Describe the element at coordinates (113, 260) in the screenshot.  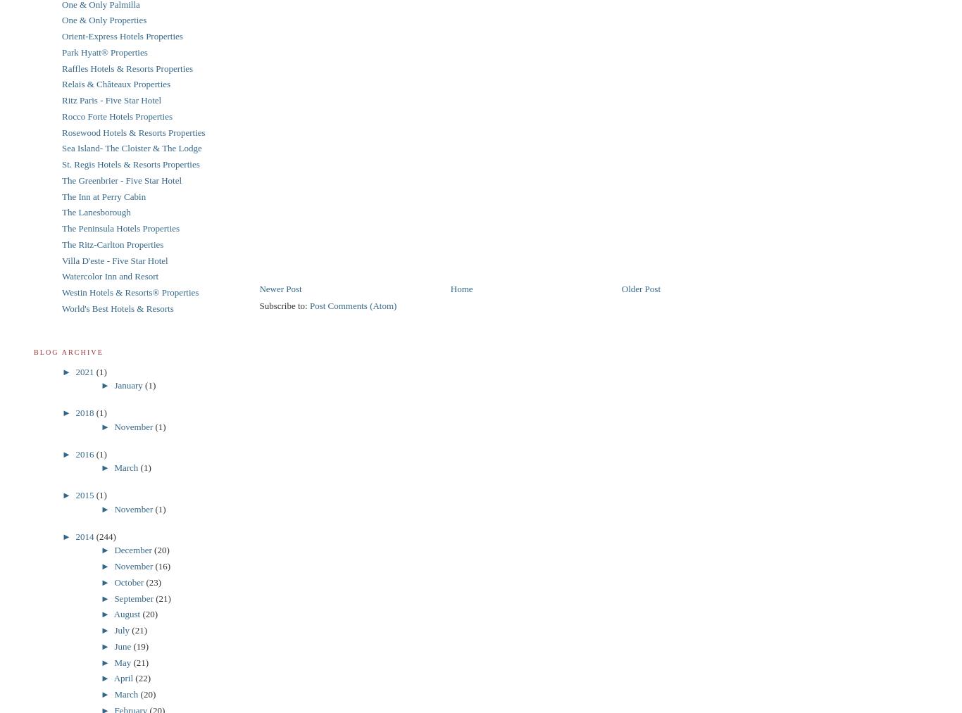
I see `'Villa D'este - Five Star Hotel'` at that location.